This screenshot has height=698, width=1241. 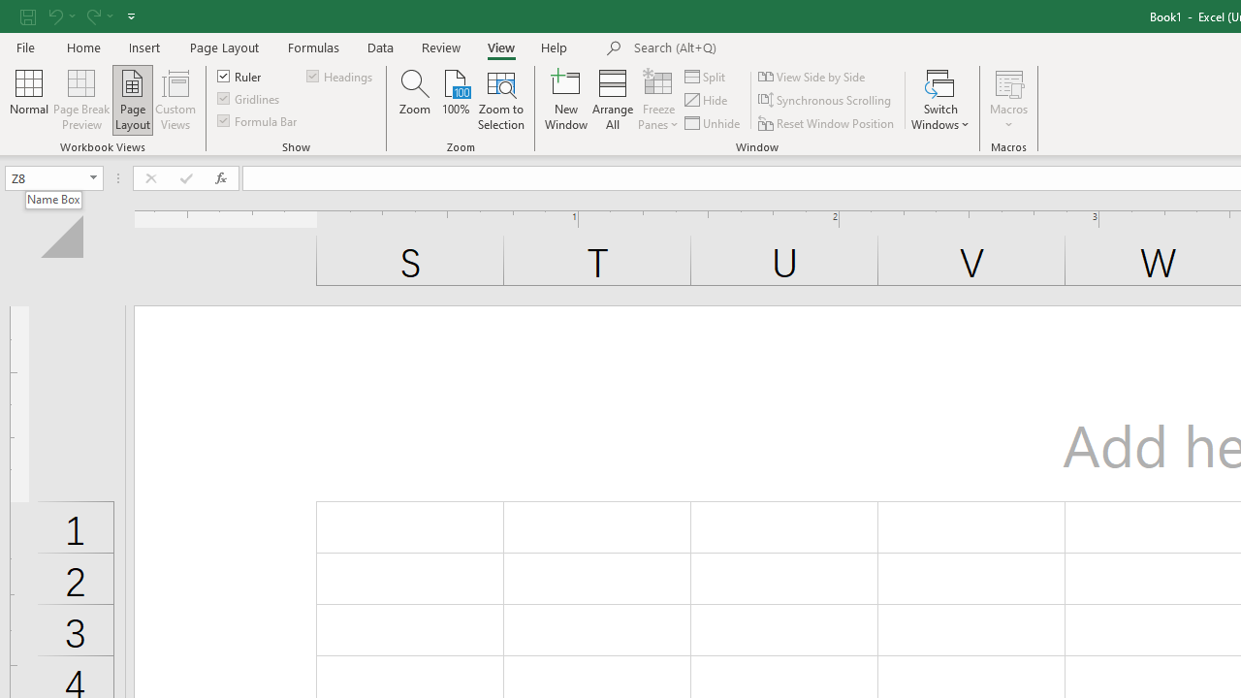 I want to click on 'Gridlines', so click(x=248, y=98).